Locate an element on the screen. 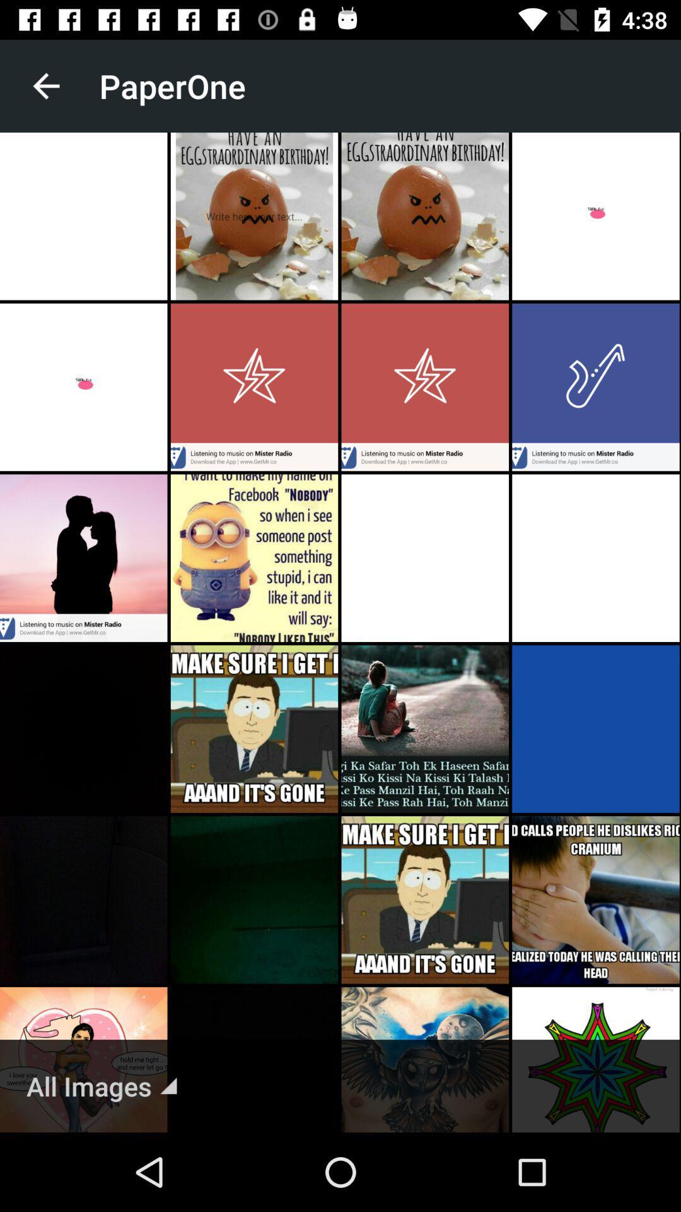 Image resolution: width=681 pixels, height=1212 pixels. item to the left of the paperone app is located at coordinates (45, 85).